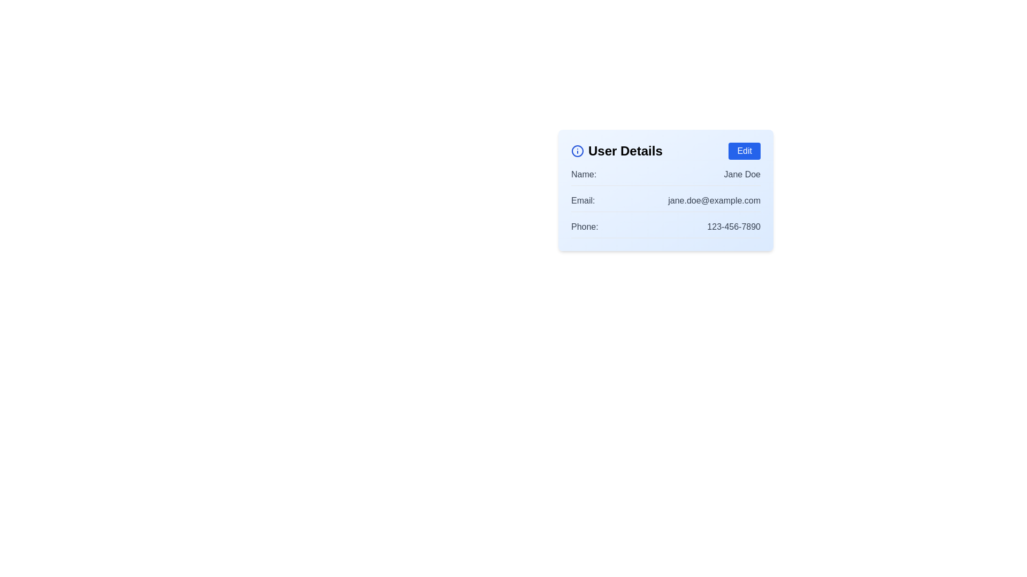  I want to click on the static text displaying the email address 'jane.doe@example.com' located in the 'User Details' section, next to the label 'Email:', so click(714, 200).